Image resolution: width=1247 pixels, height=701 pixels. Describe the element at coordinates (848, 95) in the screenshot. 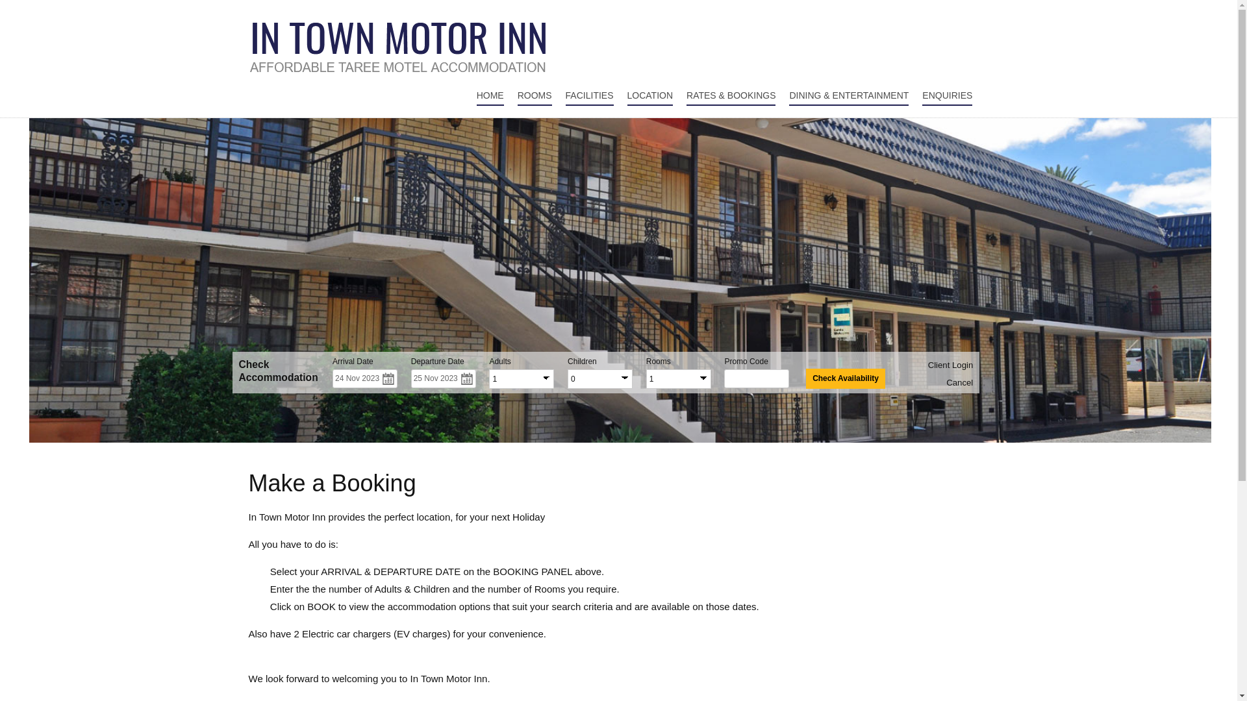

I see `'DINING & ENTERTAINMENT'` at that location.